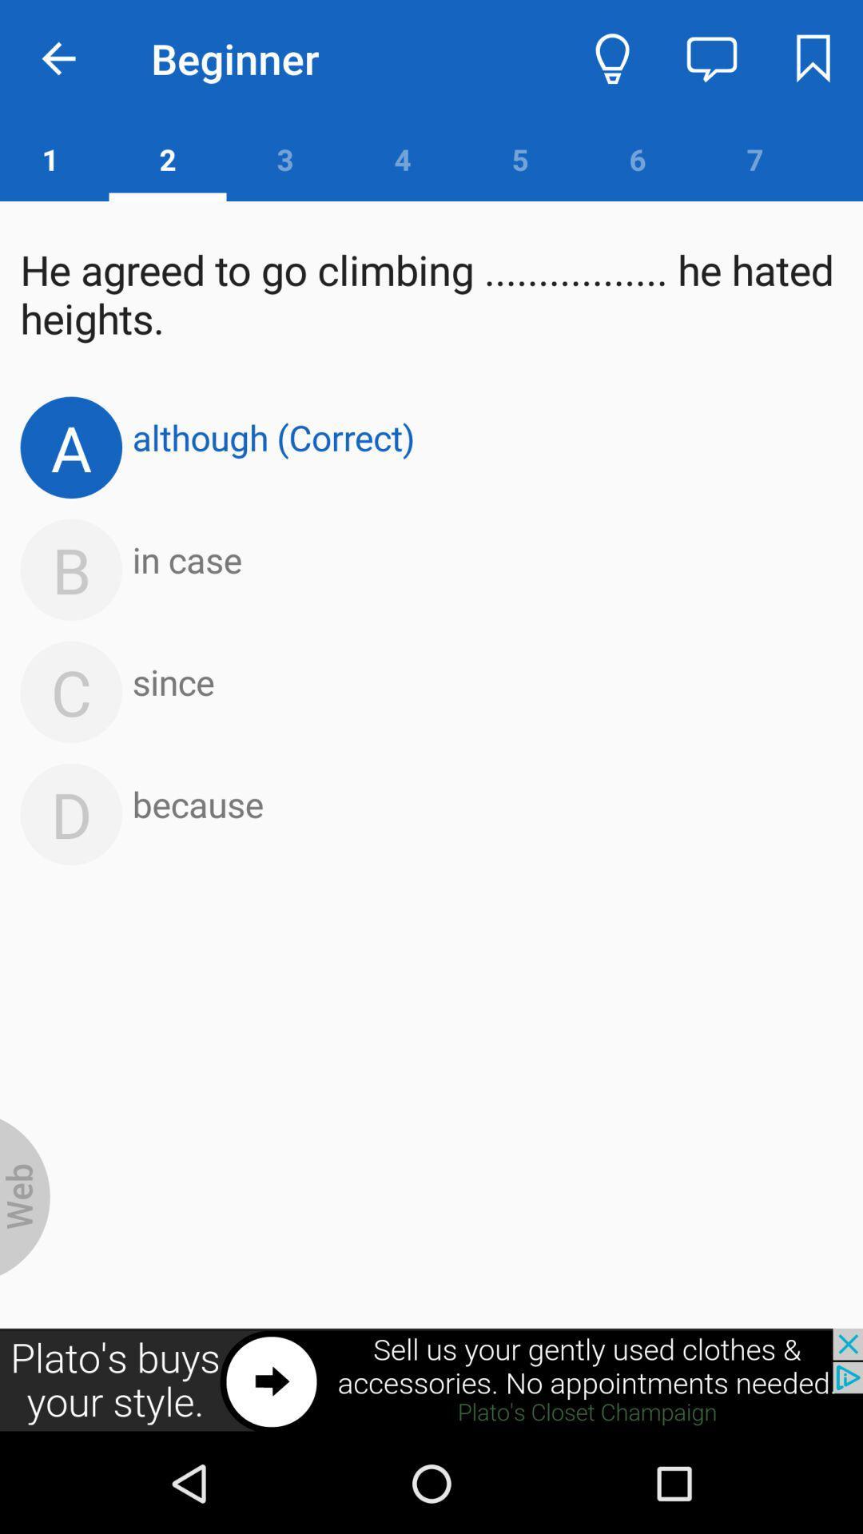  Describe the element at coordinates (711, 58) in the screenshot. I see `the message icon at the top of the page` at that location.